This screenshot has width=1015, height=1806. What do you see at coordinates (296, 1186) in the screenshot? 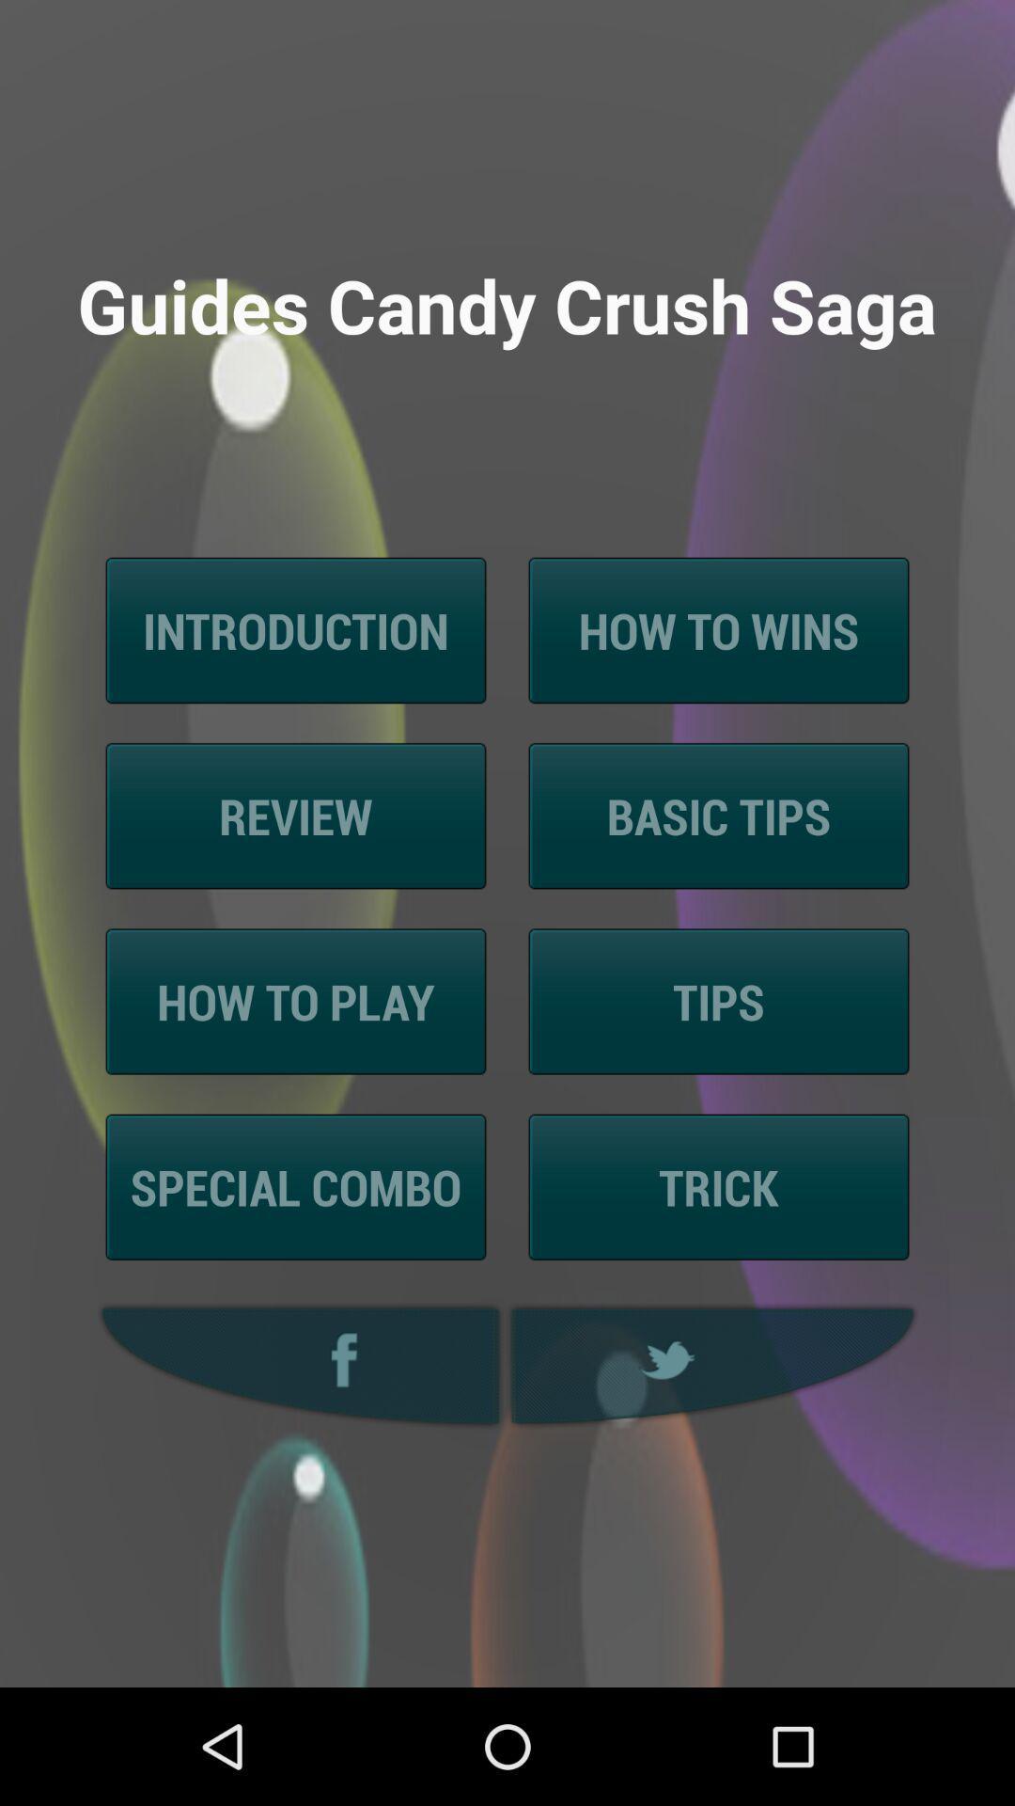
I see `special combo` at bounding box center [296, 1186].